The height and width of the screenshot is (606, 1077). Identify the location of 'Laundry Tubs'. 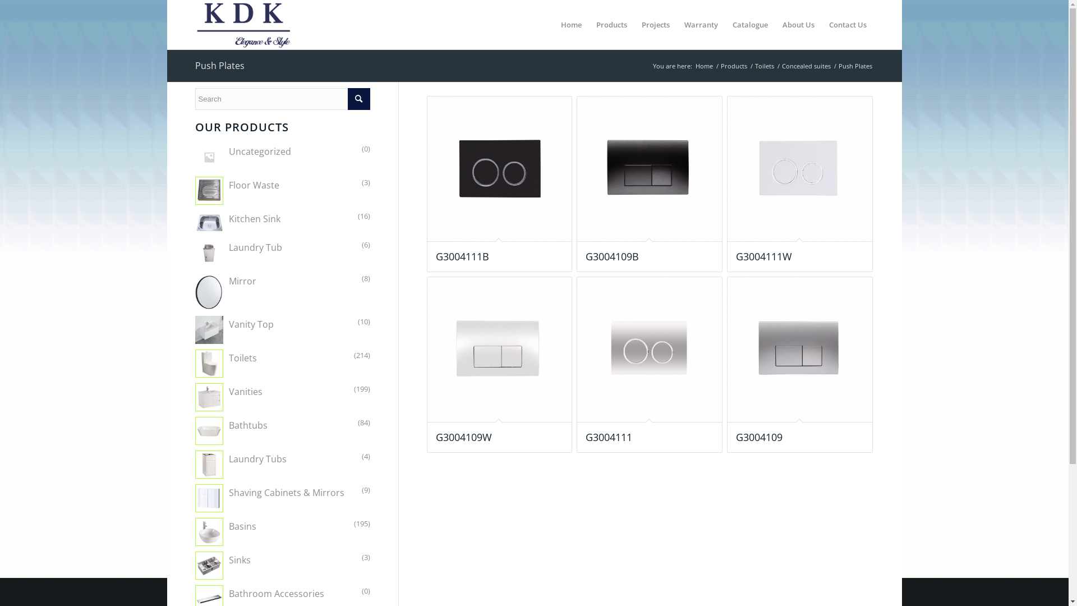
(240, 465).